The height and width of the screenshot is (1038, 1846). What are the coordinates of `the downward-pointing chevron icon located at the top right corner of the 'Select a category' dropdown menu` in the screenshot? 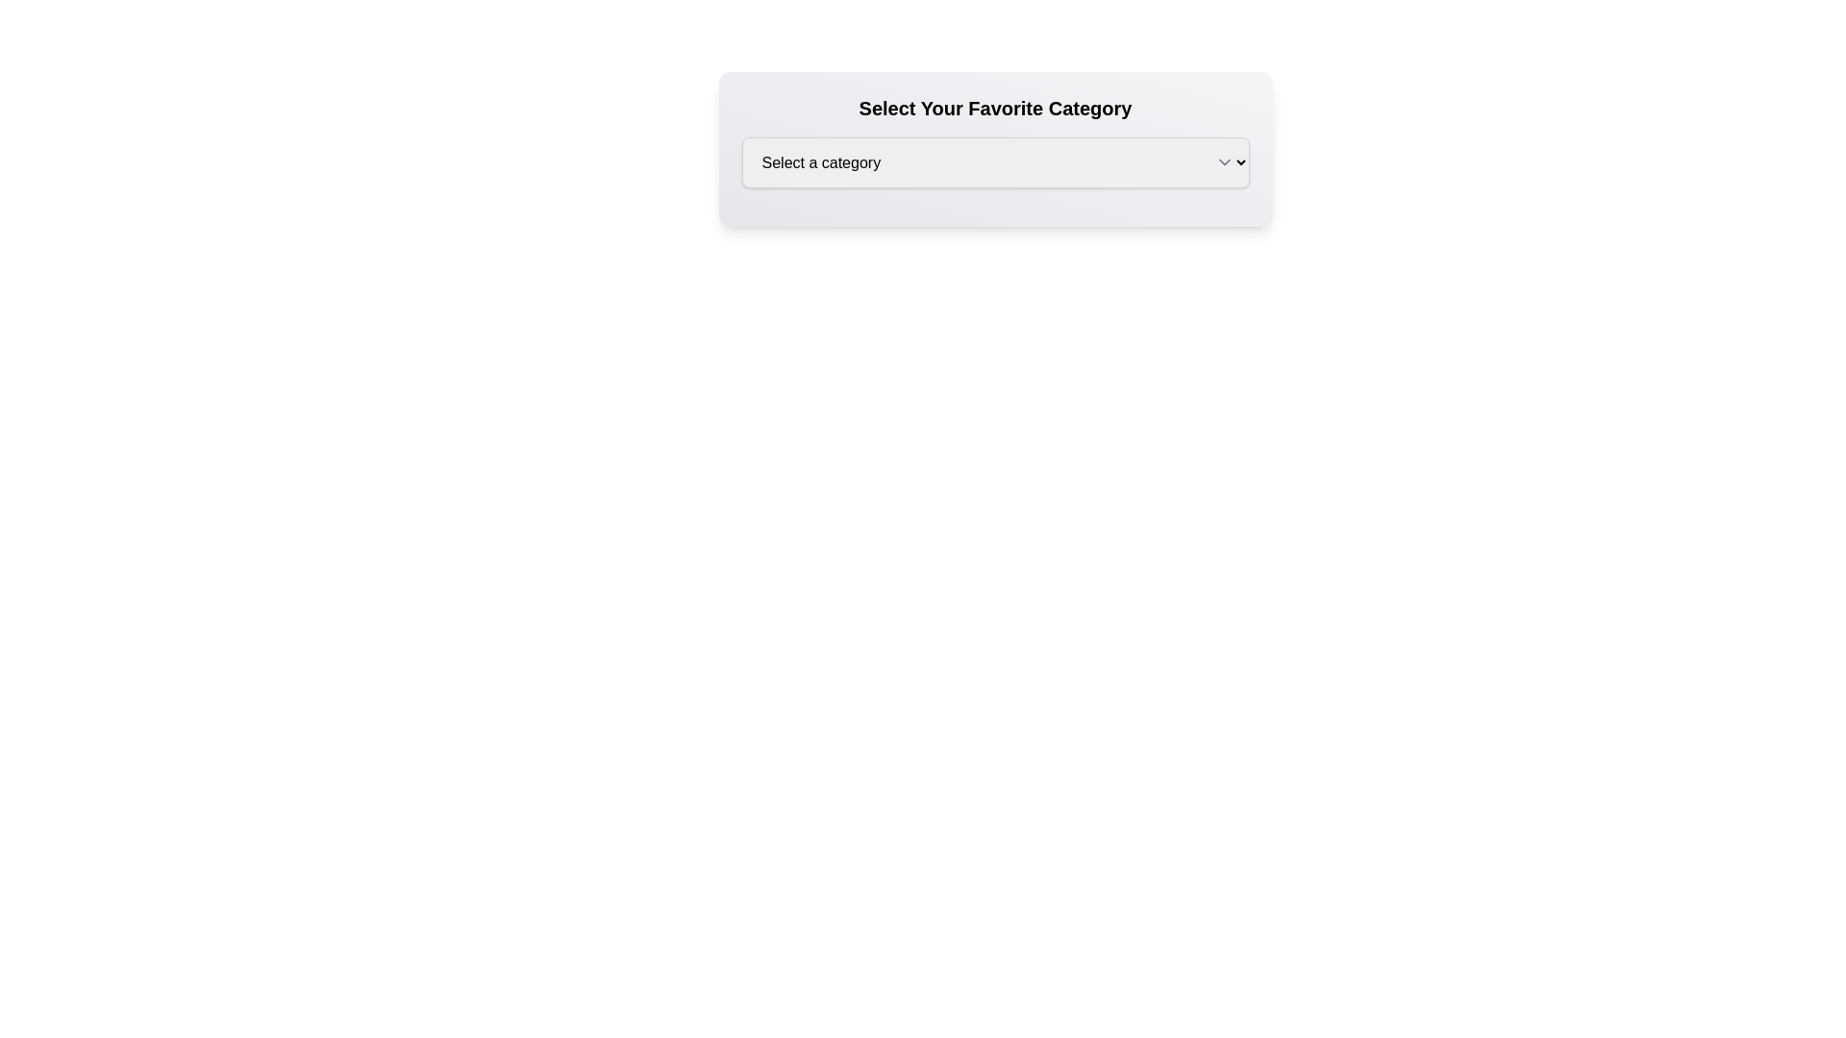 It's located at (1223, 161).